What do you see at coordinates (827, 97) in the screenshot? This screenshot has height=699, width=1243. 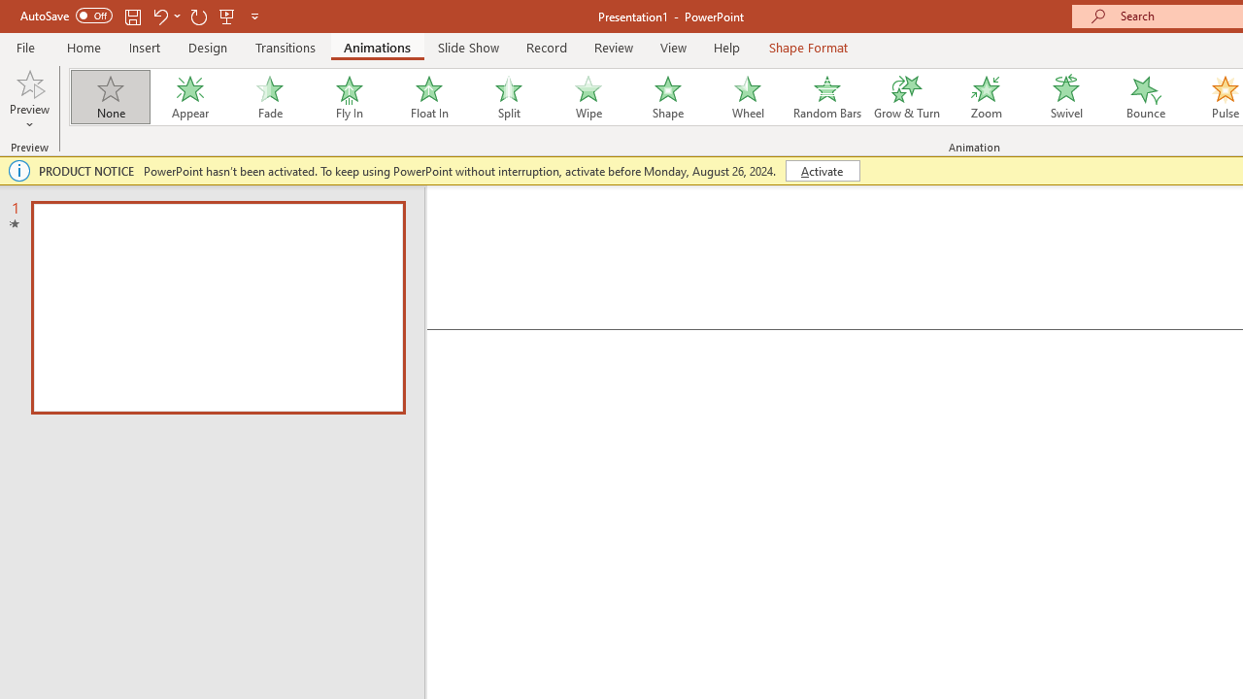 I see `'Random Bars'` at bounding box center [827, 97].